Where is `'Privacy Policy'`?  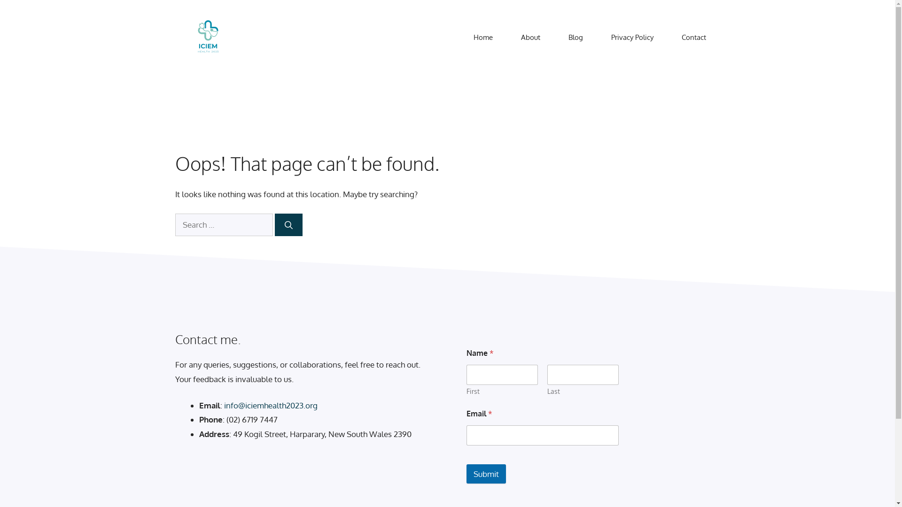 'Privacy Policy' is located at coordinates (596, 37).